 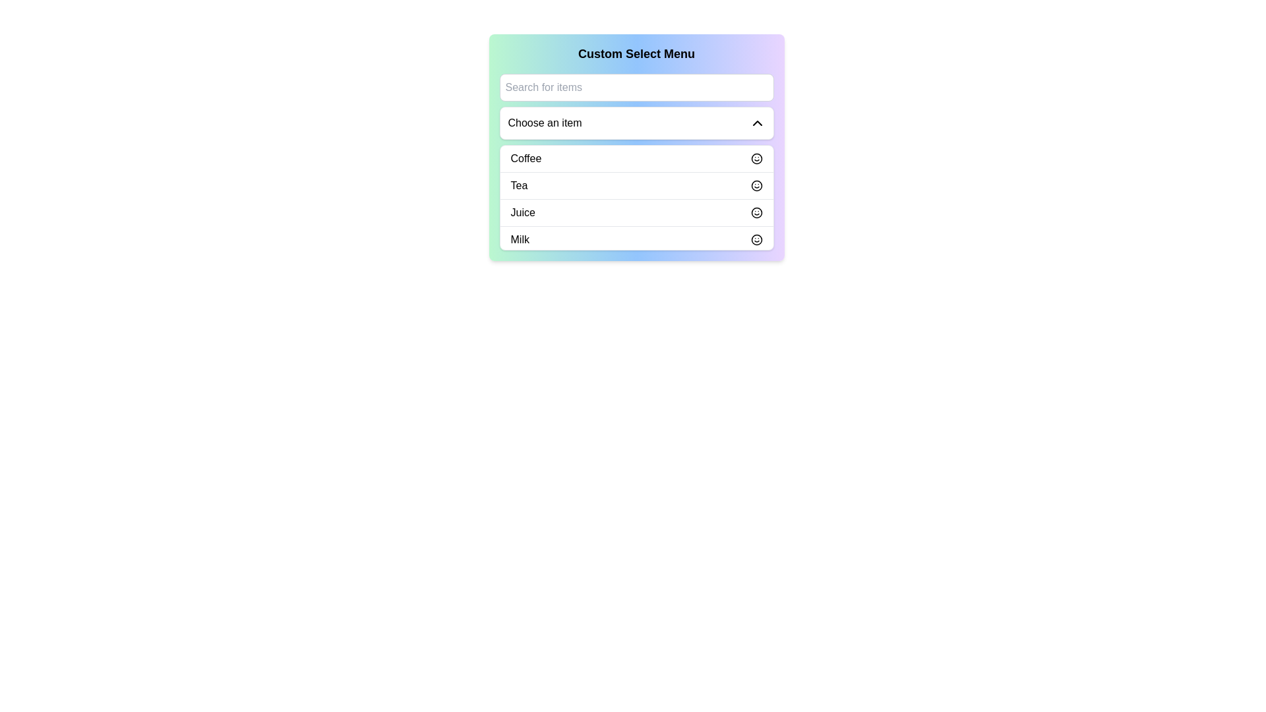 I want to click on the list item labeled 'Milk', which is the last item in a vertical list of menu options, so click(x=636, y=239).